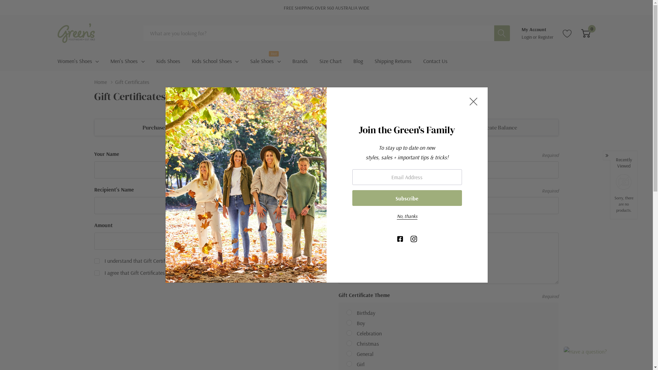 The height and width of the screenshot is (370, 658). Describe the element at coordinates (192, 60) in the screenshot. I see `'Kids School Shoes'` at that location.